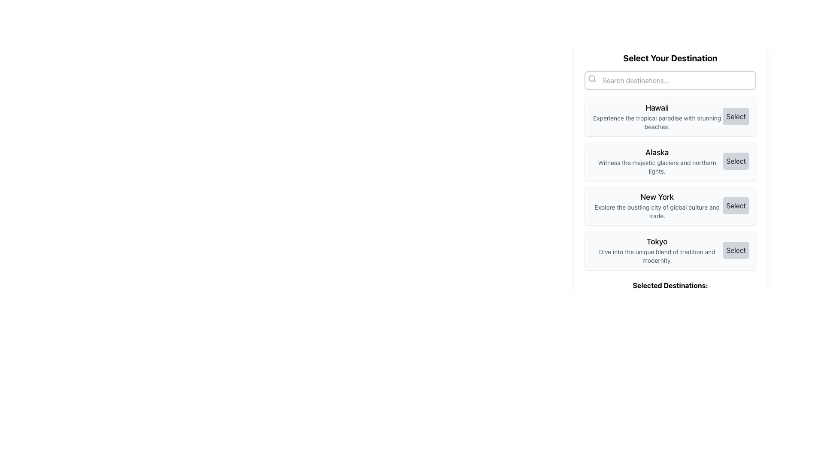 This screenshot has height=463, width=824. Describe the element at coordinates (735, 161) in the screenshot. I see `the 'Select' button with a light gray background and dark gray text, located at the far right of the 'Alaska' card in the vertical list of destinations` at that location.